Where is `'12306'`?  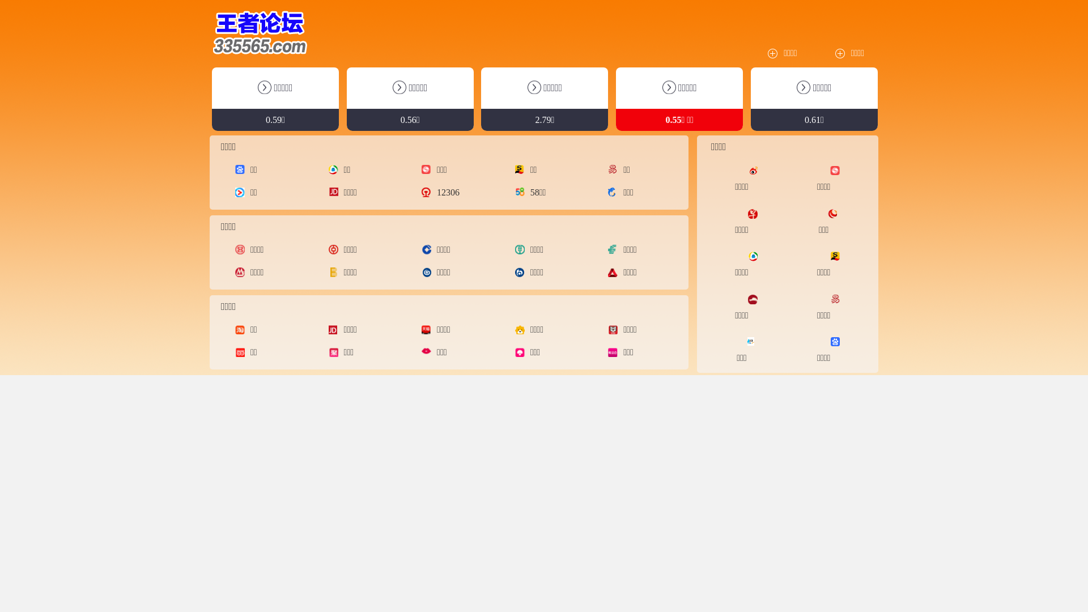
'12306' is located at coordinates (426, 192).